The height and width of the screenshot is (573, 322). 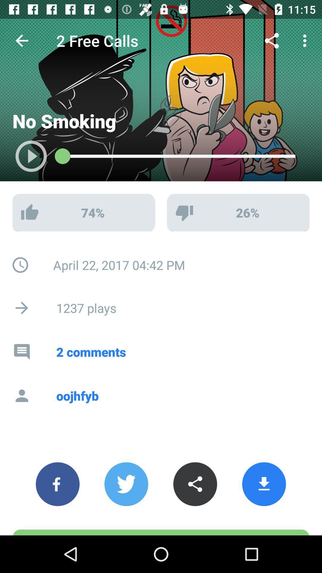 What do you see at coordinates (306, 41) in the screenshot?
I see `the 3 vertical dots at the top right corner of the page` at bounding box center [306, 41].